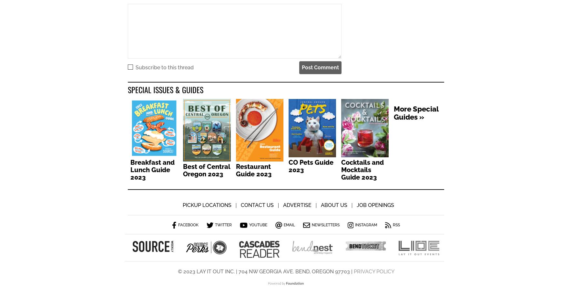 This screenshot has width=572, height=294. What do you see at coordinates (188, 225) in the screenshot?
I see `'Facebook'` at bounding box center [188, 225].